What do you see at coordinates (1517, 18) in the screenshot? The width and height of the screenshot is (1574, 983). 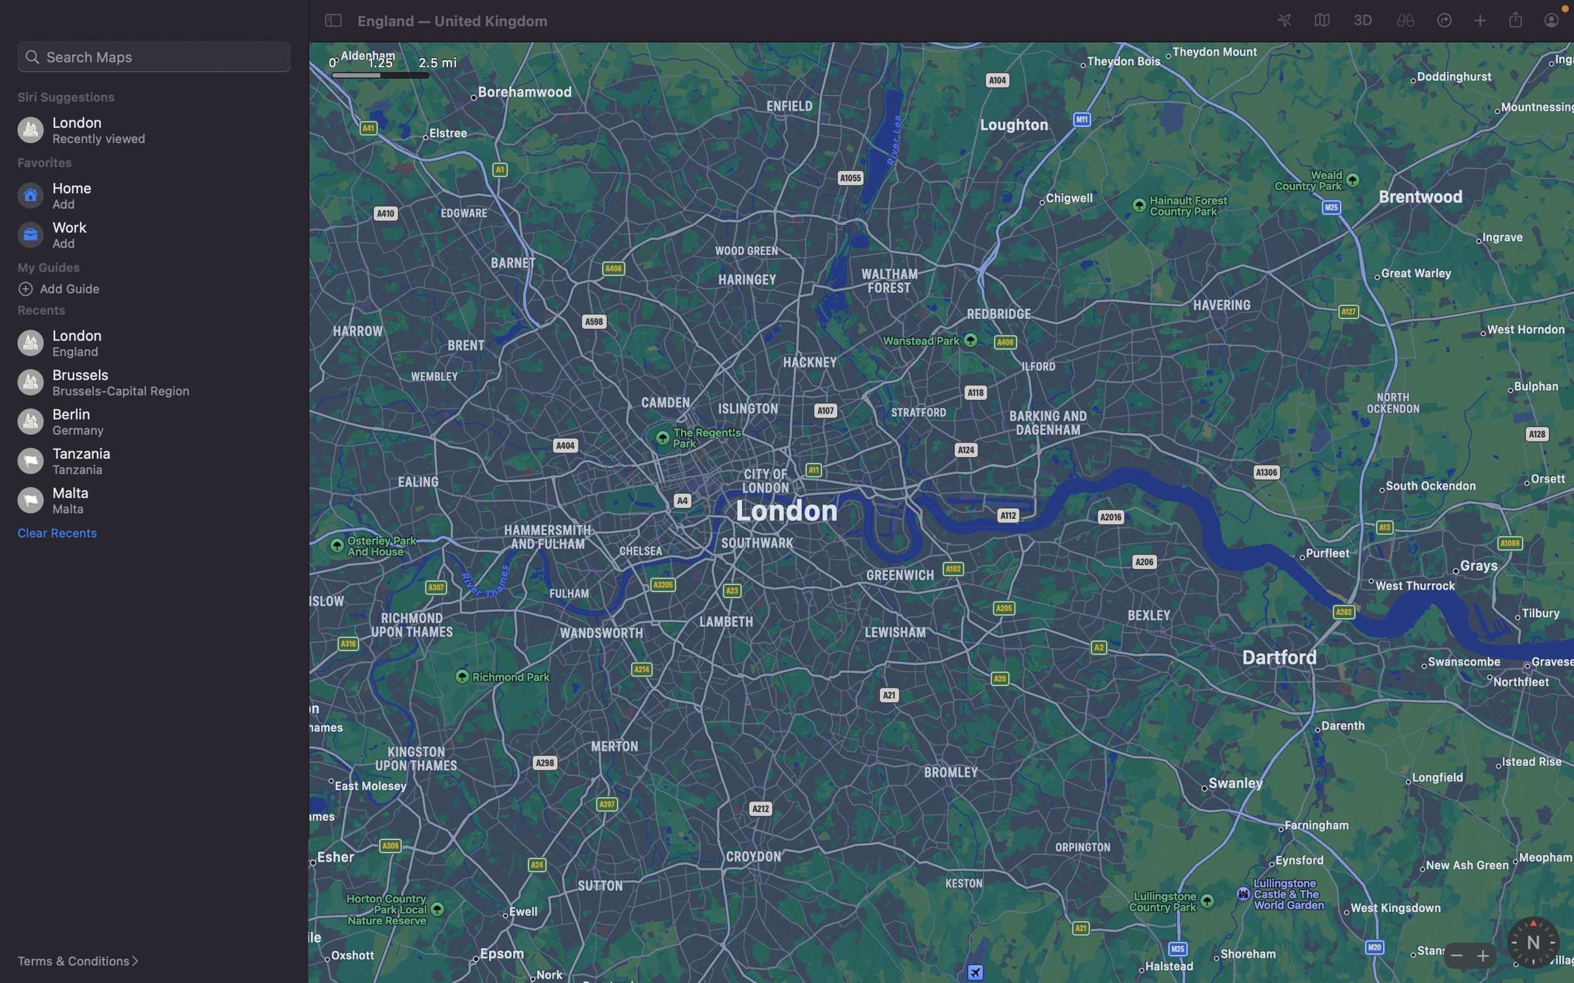 I see `Release the present cartographic point` at bounding box center [1517, 18].